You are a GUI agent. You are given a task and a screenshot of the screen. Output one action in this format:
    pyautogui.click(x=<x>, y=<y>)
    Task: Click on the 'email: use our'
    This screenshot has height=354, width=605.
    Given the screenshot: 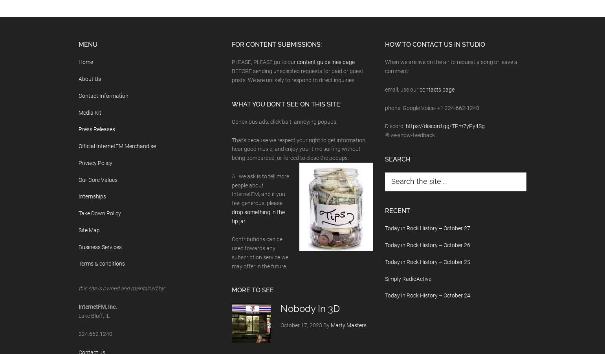 What is the action you would take?
    pyautogui.click(x=402, y=88)
    